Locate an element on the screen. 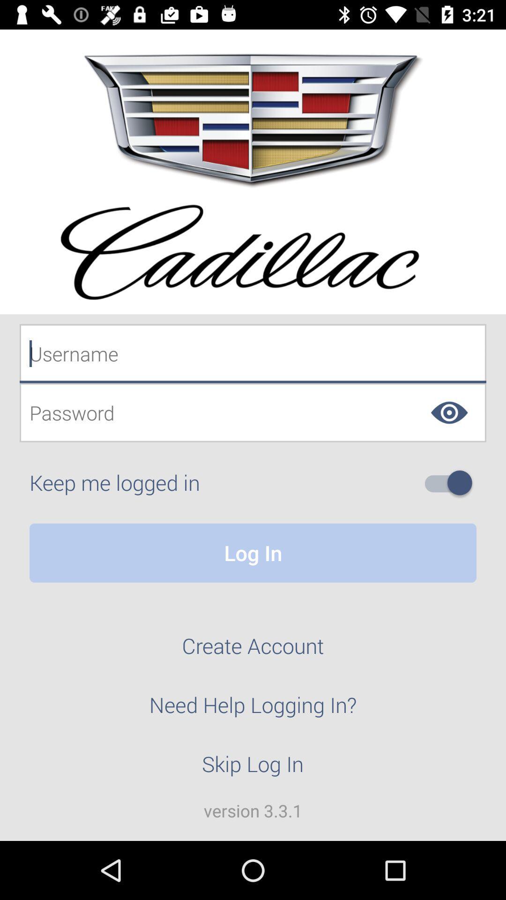 This screenshot has width=506, height=900. item above keep me logged is located at coordinates (253, 412).